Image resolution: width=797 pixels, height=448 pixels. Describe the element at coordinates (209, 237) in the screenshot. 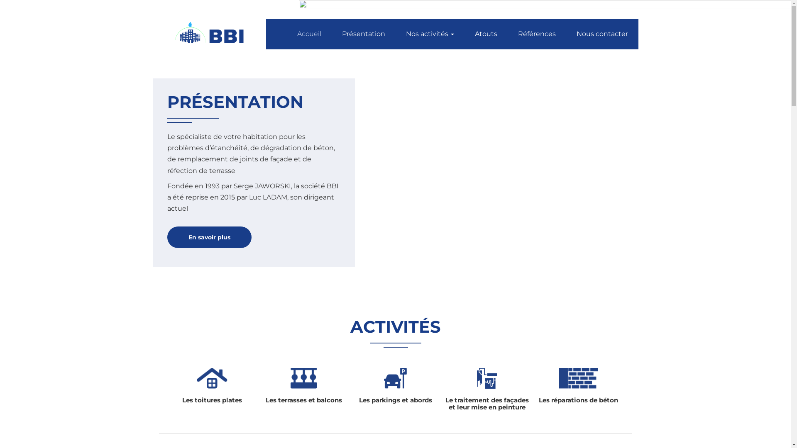

I see `'En savoir plus'` at that location.